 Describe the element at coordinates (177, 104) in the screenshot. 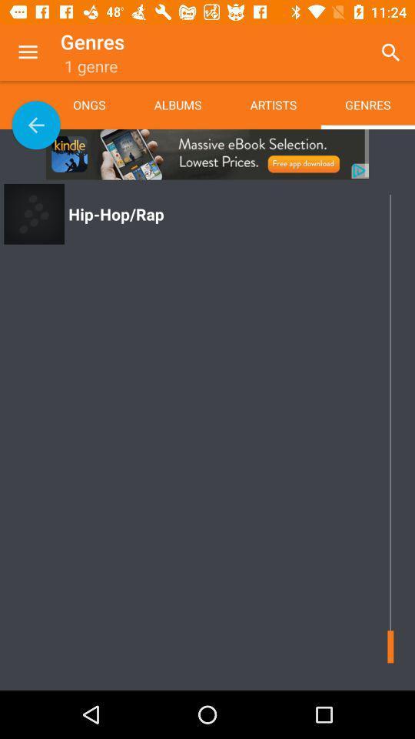

I see `icon to the right of songs` at that location.